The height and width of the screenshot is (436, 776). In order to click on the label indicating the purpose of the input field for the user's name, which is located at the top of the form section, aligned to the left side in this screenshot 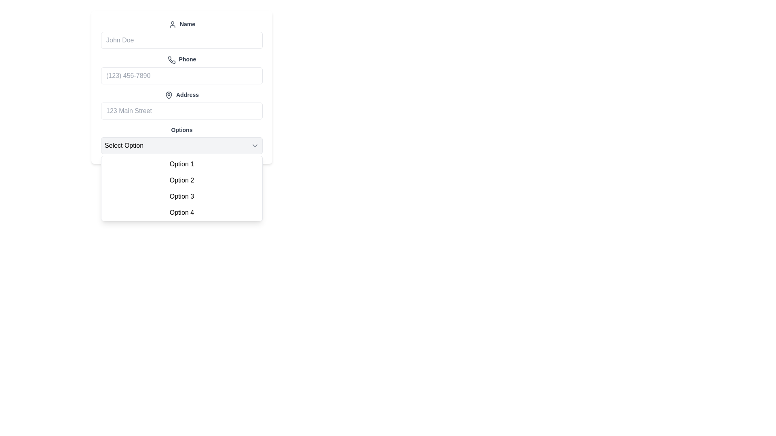, I will do `click(181, 24)`.